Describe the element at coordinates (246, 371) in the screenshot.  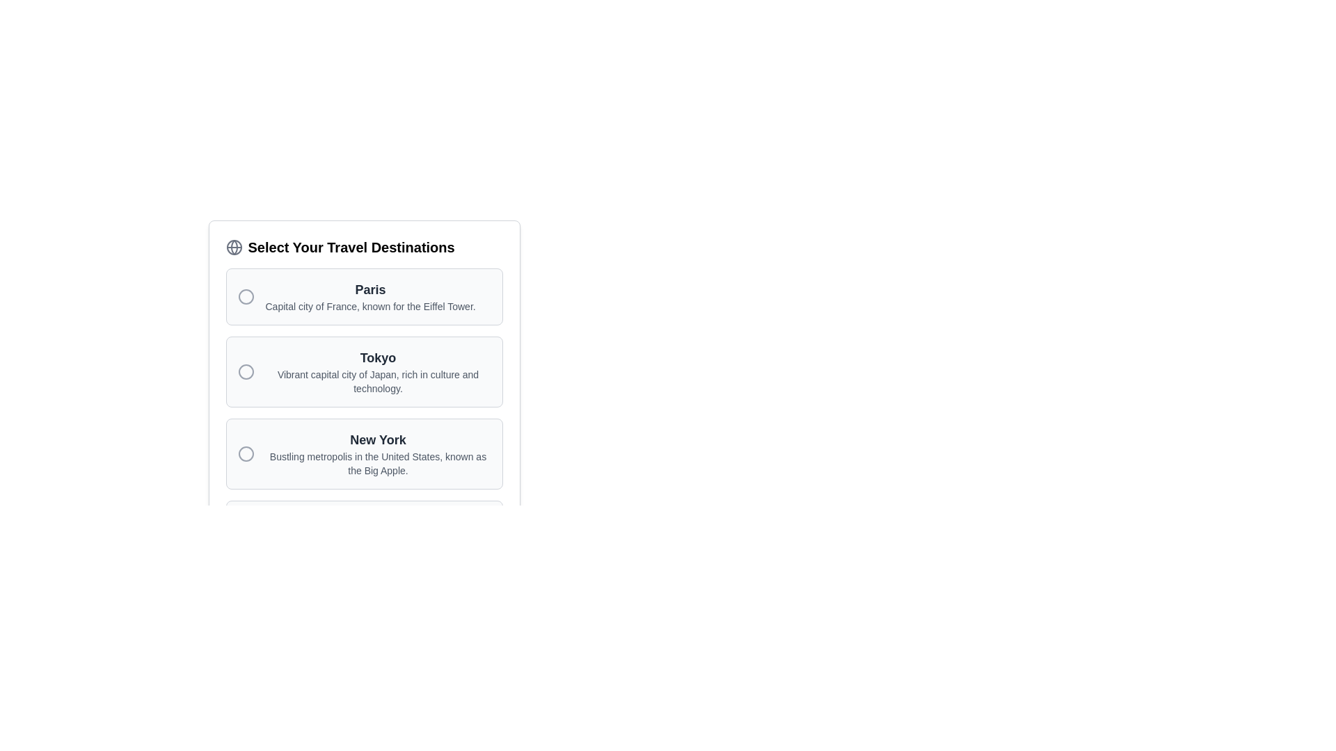
I see `the circular icon associated with the 'Tokyo' option` at that location.